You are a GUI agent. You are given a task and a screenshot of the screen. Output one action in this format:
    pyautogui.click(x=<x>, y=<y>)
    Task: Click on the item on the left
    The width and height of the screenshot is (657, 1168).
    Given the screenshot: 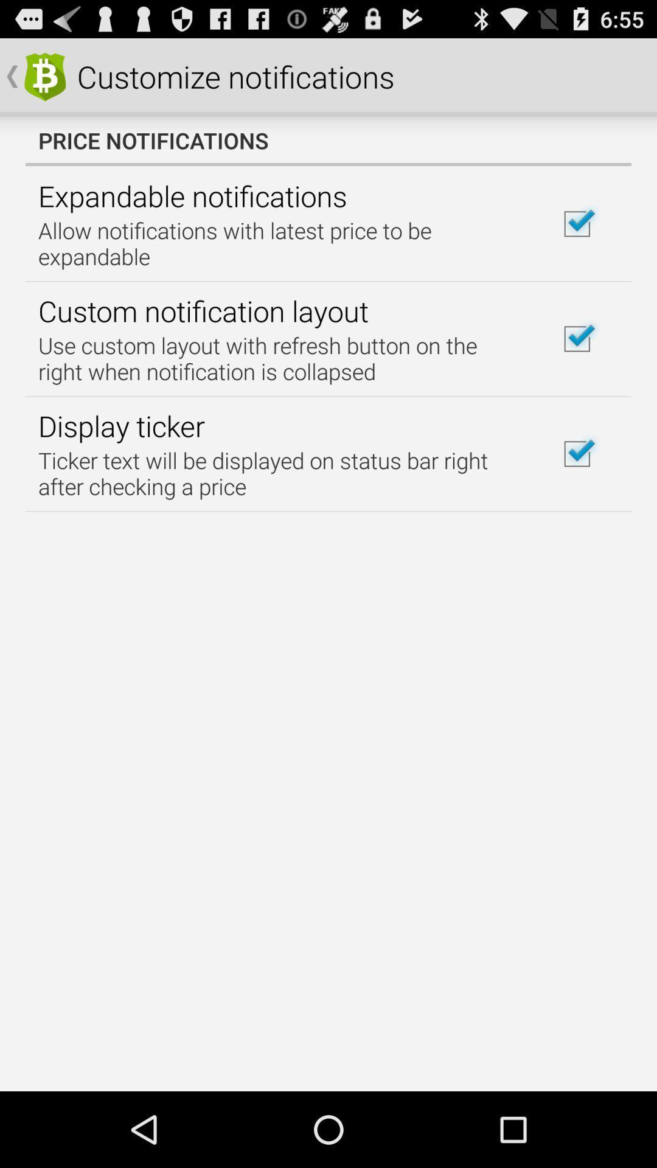 What is the action you would take?
    pyautogui.click(x=121, y=426)
    